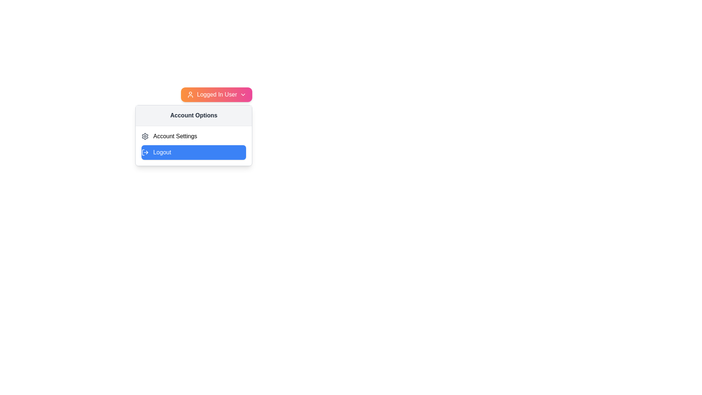 The width and height of the screenshot is (702, 395). I want to click on the Label with icon that denotes account settings options, located within the 'Account Options' dropdown menu as the first list item, so click(194, 136).